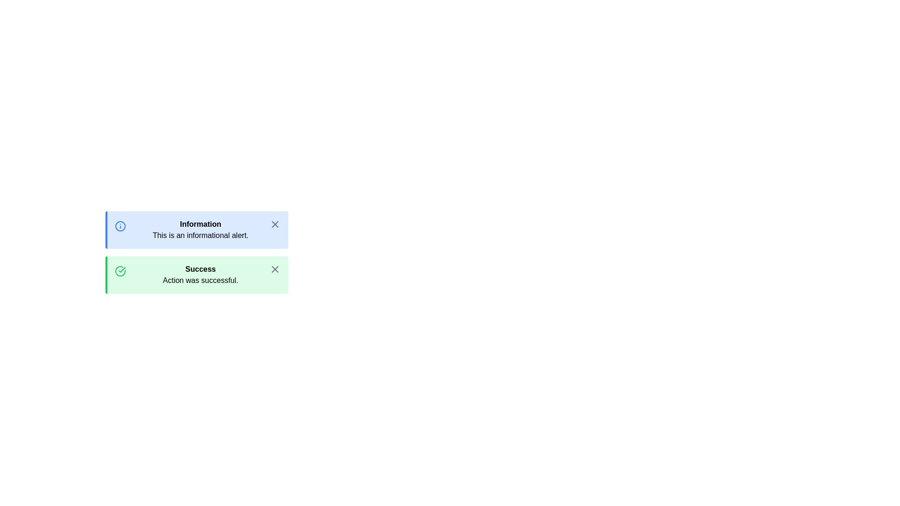  Describe the element at coordinates (121, 269) in the screenshot. I see `the green checkmark icon within the success notification box that indicates 'Action was successful.'` at that location.